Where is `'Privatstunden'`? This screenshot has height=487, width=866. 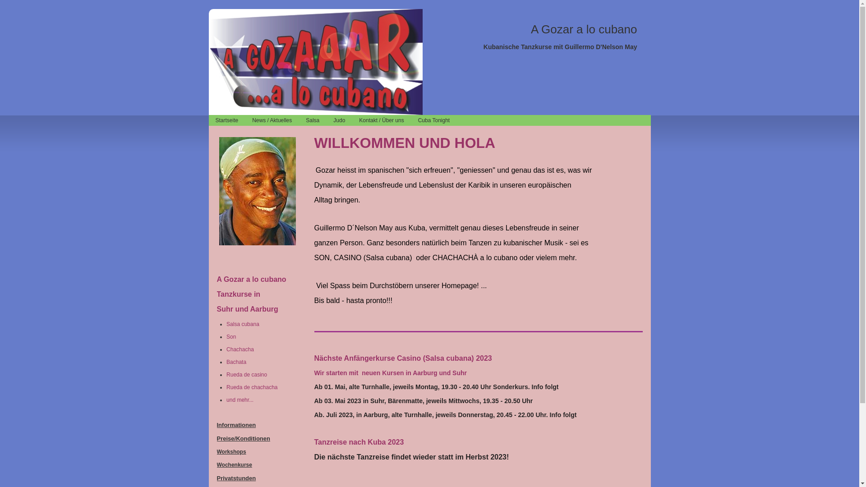
'Privatstunden' is located at coordinates (236, 478).